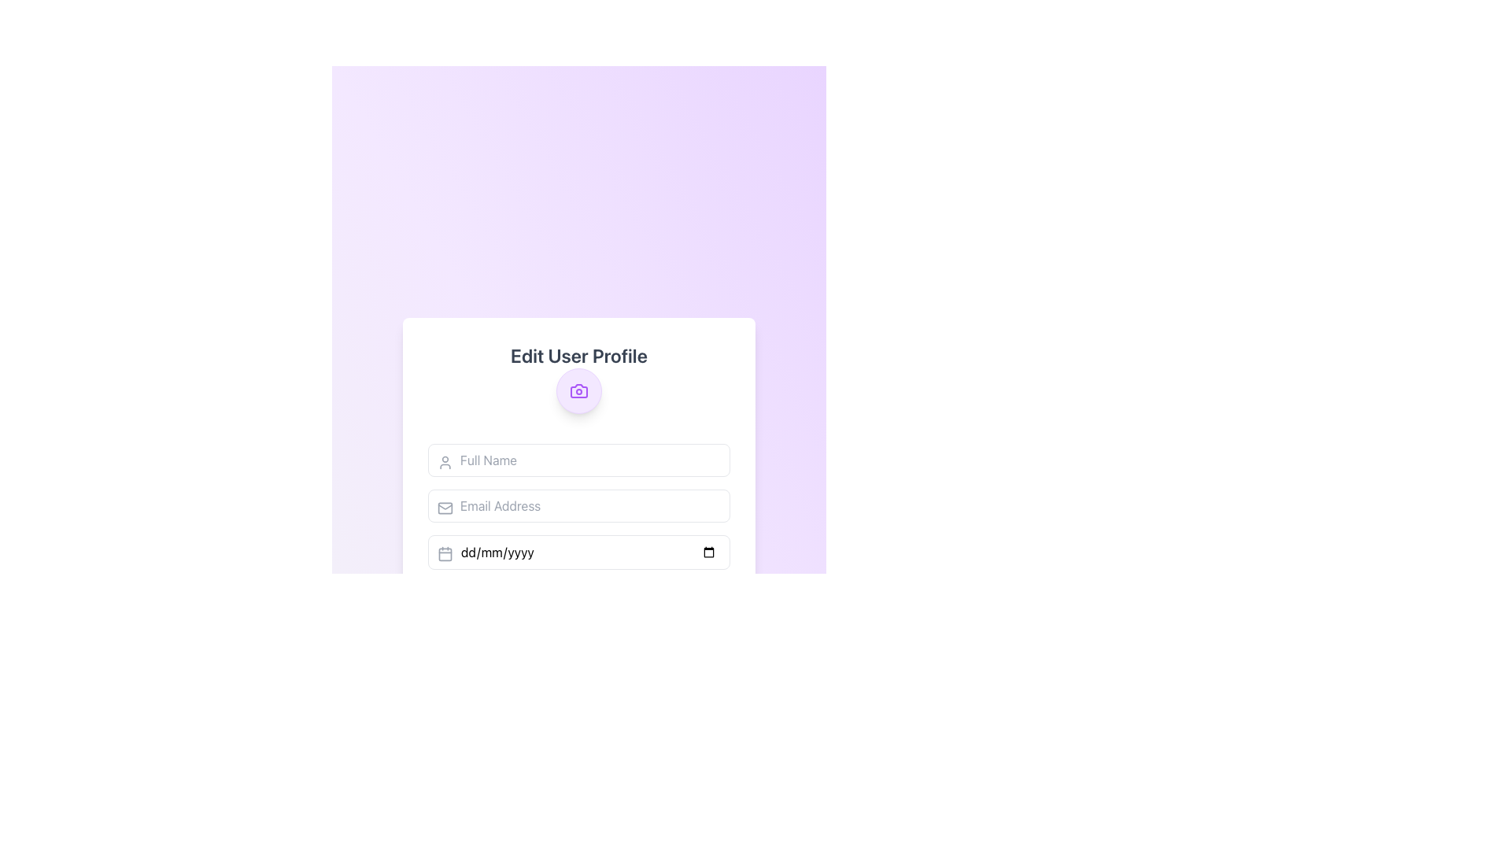  Describe the element at coordinates (578, 393) in the screenshot. I see `the circular button with a purple background and camera icon` at that location.